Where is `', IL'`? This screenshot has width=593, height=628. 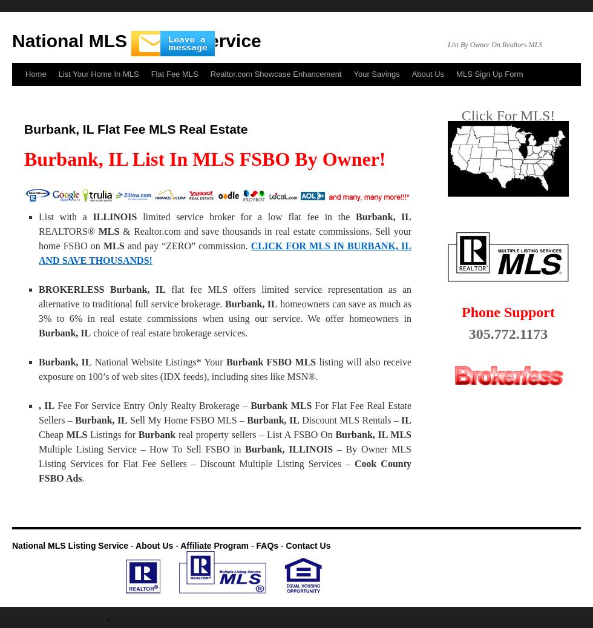
', IL' is located at coordinates (38, 405).